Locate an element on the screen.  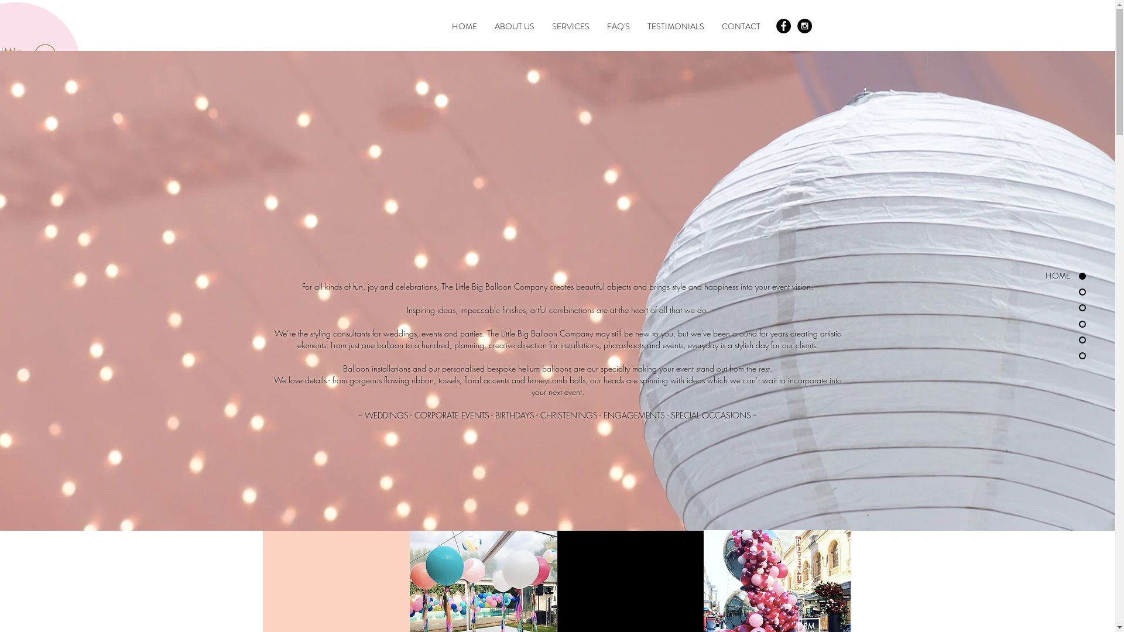
'FAQ'S' is located at coordinates (618, 26).